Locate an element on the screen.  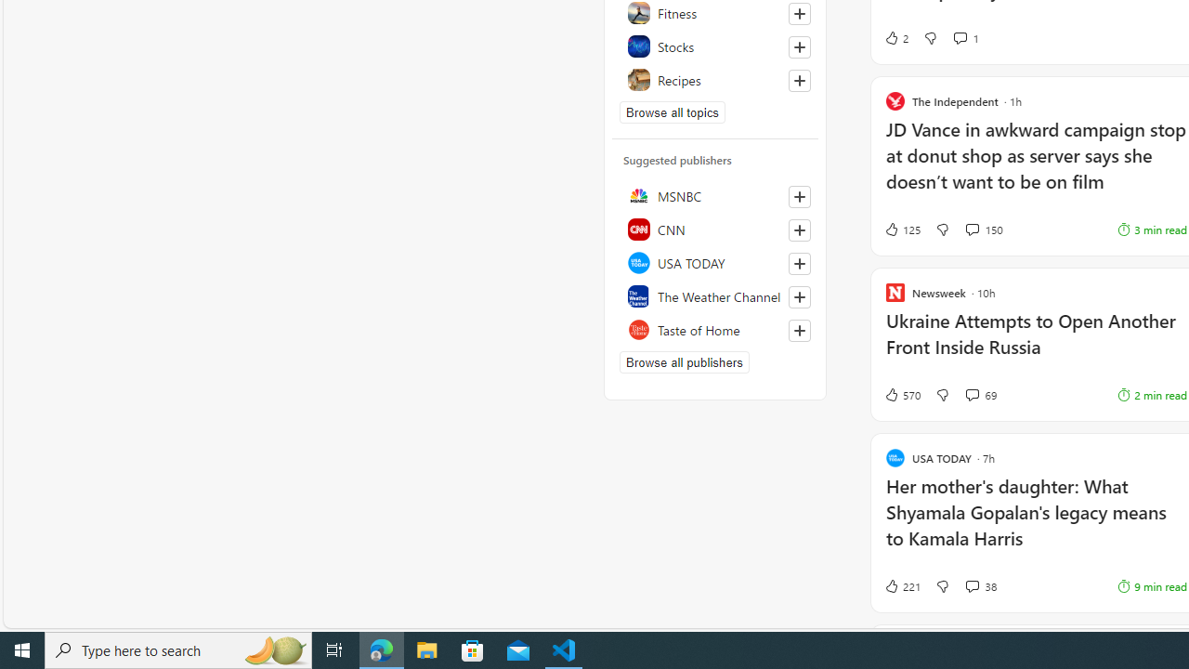
'CNN' is located at coordinates (714, 228).